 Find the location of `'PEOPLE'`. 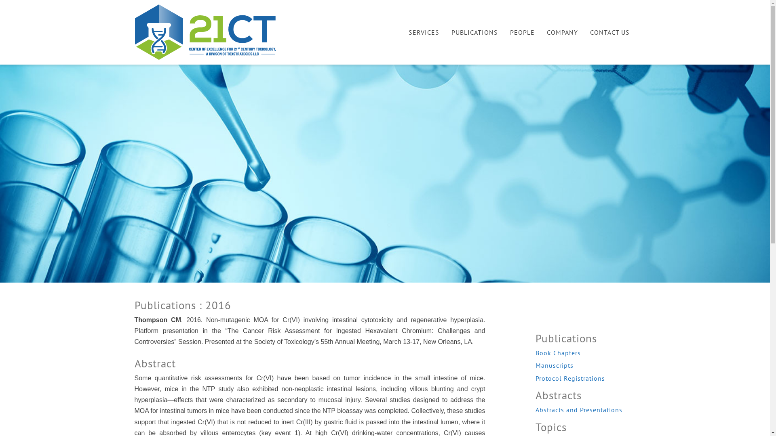

'PEOPLE' is located at coordinates (522, 32).